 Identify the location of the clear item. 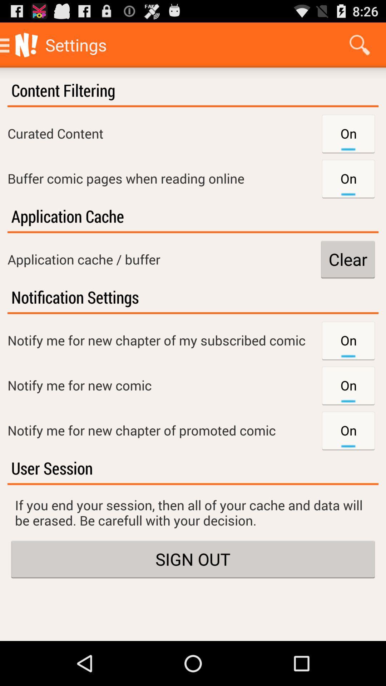
(347, 259).